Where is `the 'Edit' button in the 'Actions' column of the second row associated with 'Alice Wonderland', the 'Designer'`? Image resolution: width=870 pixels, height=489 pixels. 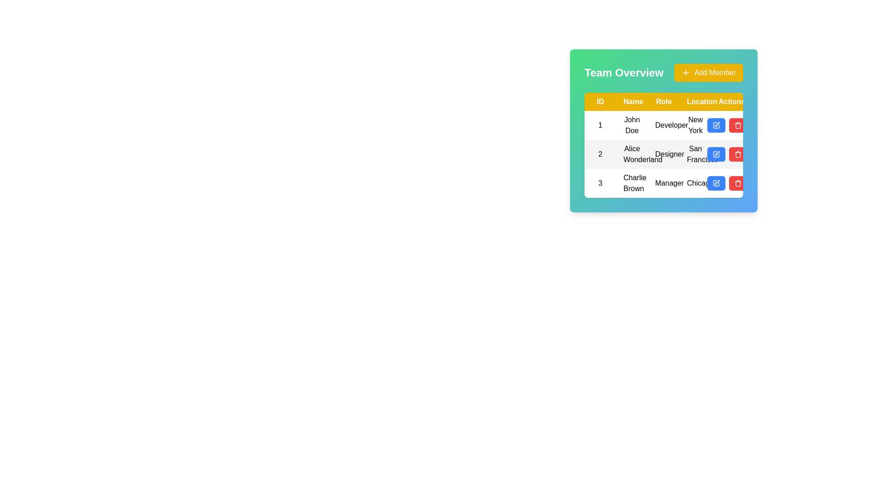
the 'Edit' button in the 'Actions' column of the second row associated with 'Alice Wonderland', the 'Designer' is located at coordinates (727, 153).